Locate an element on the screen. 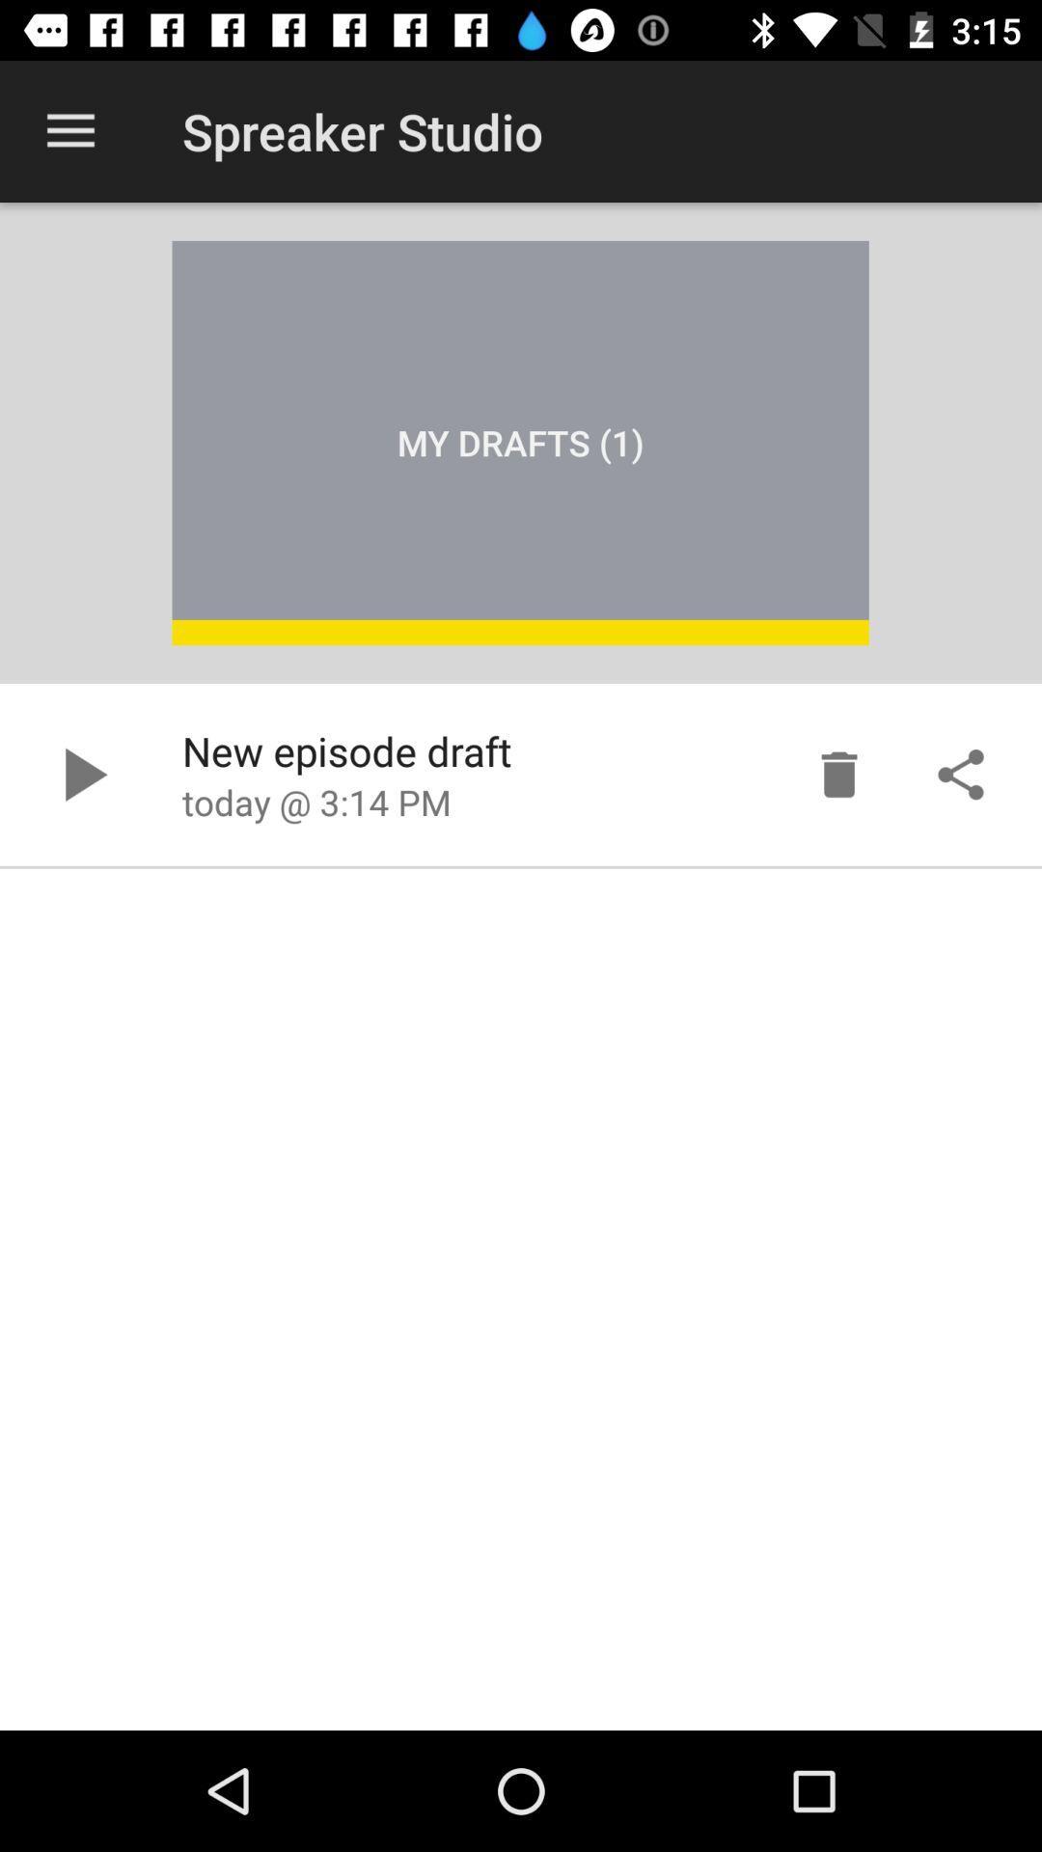 Image resolution: width=1042 pixels, height=1852 pixels. the podcast is located at coordinates (80, 775).